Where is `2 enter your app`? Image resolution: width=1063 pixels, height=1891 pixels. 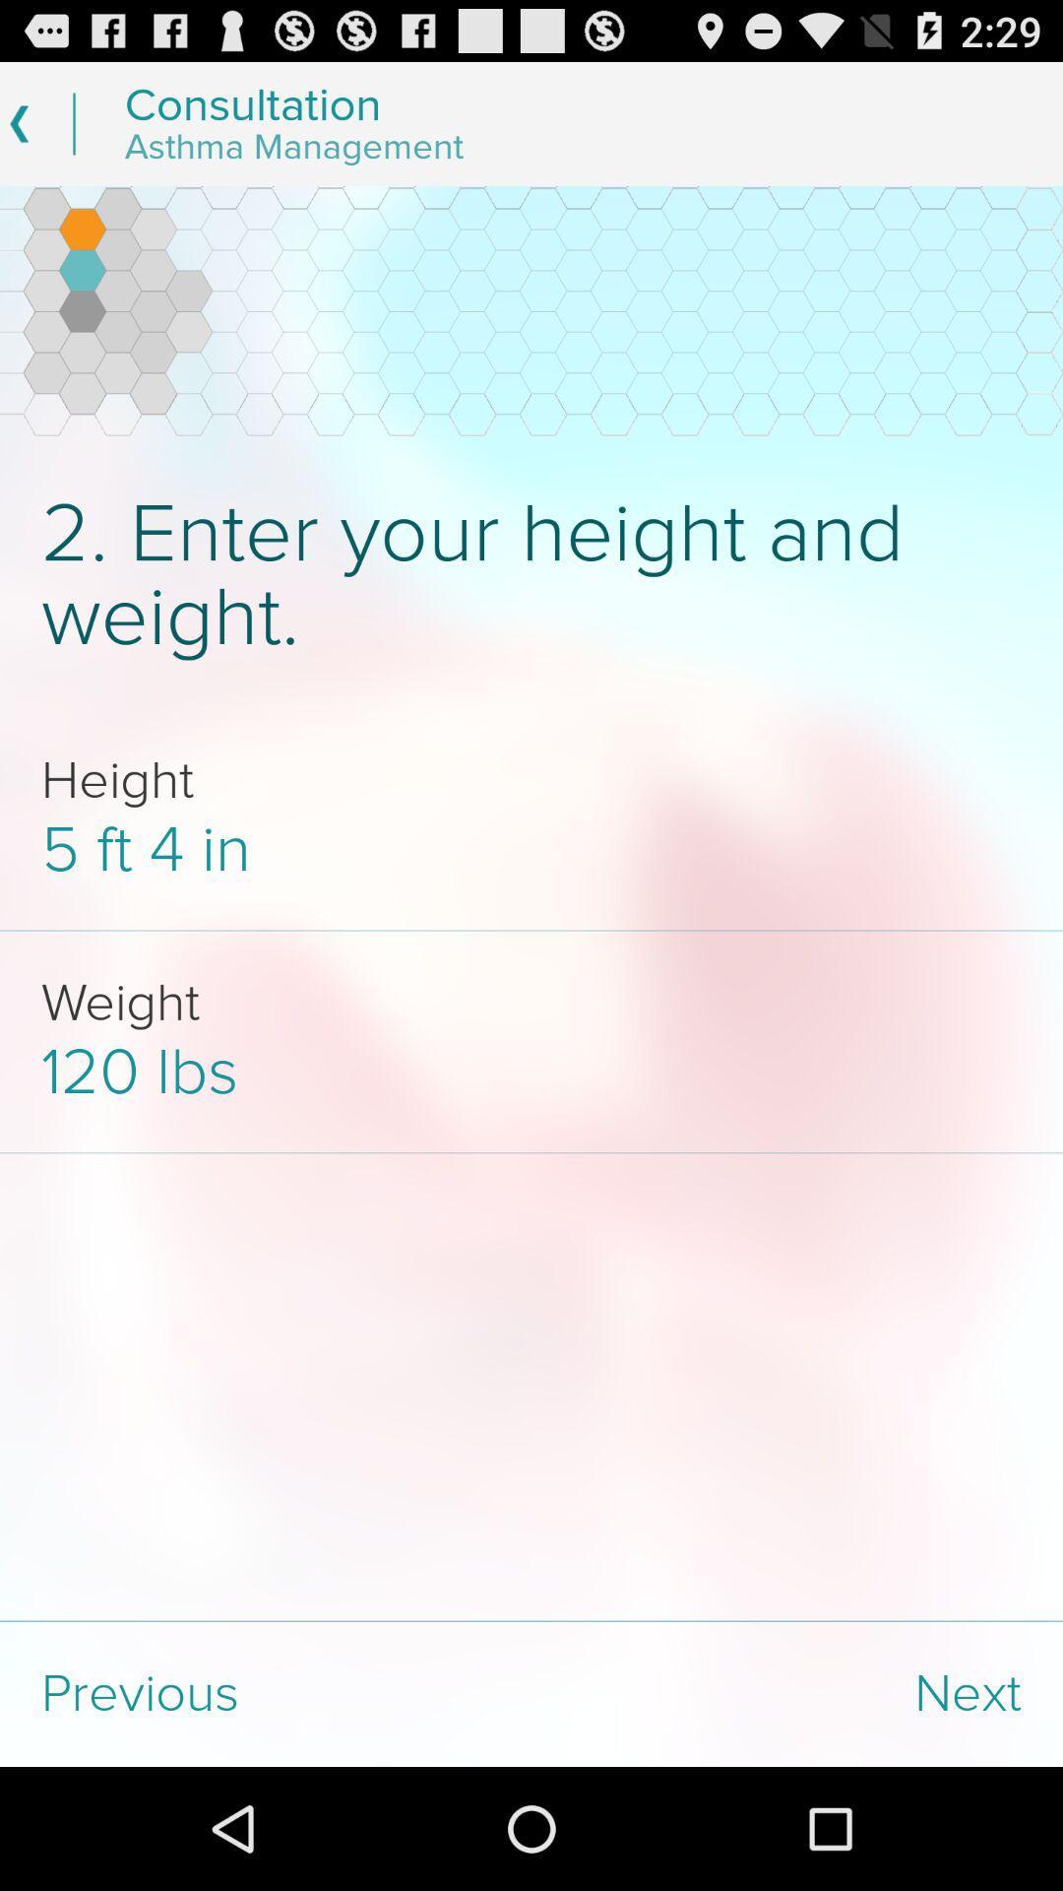
2 enter your app is located at coordinates (531, 575).